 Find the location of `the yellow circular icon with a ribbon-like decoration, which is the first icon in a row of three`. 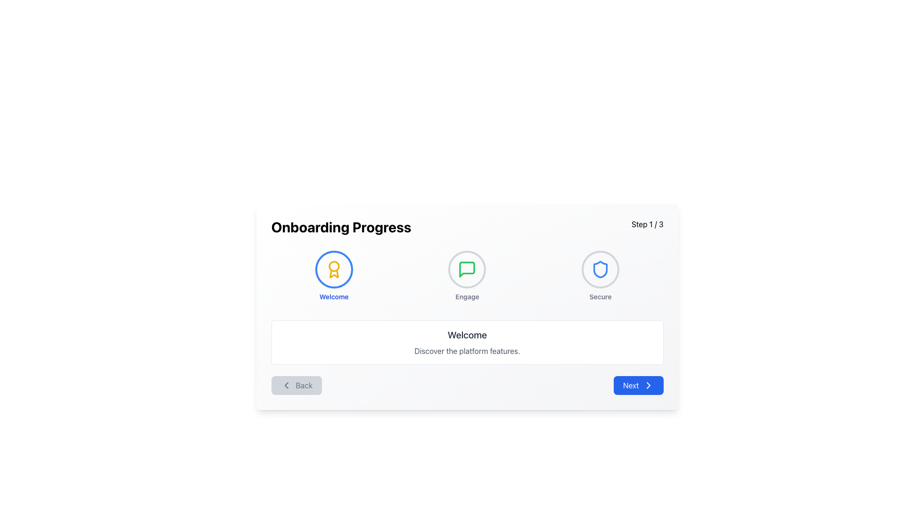

the yellow circular icon with a ribbon-like decoration, which is the first icon in a row of three is located at coordinates (334, 269).